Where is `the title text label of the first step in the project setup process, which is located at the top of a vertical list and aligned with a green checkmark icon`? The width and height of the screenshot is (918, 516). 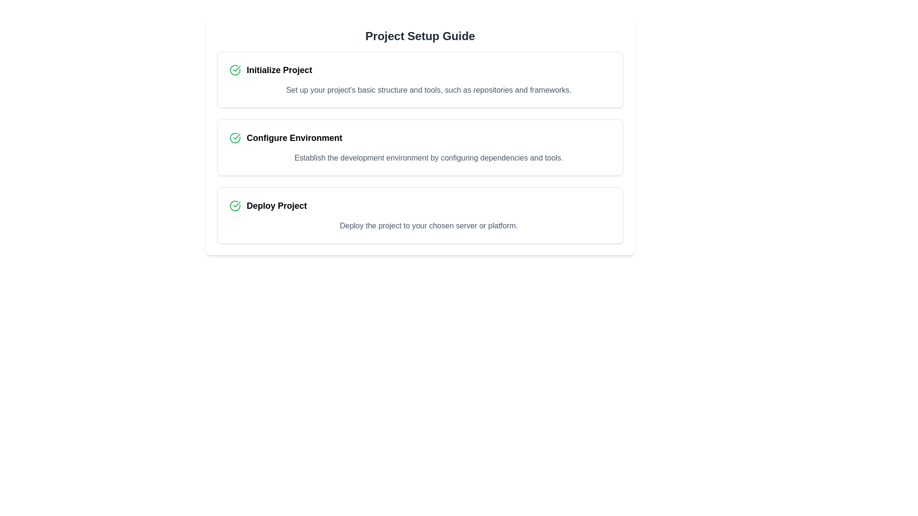 the title text label of the first step in the project setup process, which is located at the top of a vertical list and aligned with a green checkmark icon is located at coordinates (279, 69).